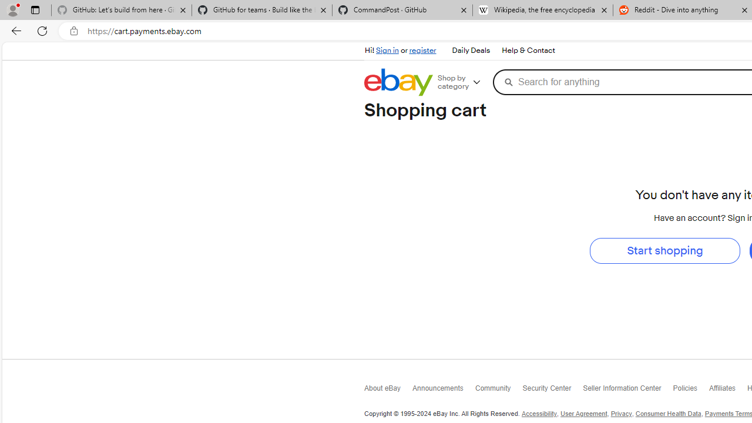 This screenshot has height=423, width=752. What do you see at coordinates (470, 50) in the screenshot?
I see `'Daily Deals'` at bounding box center [470, 50].